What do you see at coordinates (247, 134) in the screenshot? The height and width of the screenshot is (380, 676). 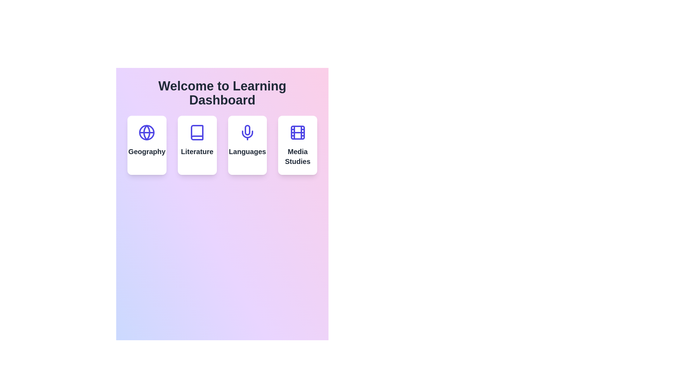 I see `the arc-like shape at the bottom of the microphone icon within the 'Languages' section in the third card from the left` at bounding box center [247, 134].